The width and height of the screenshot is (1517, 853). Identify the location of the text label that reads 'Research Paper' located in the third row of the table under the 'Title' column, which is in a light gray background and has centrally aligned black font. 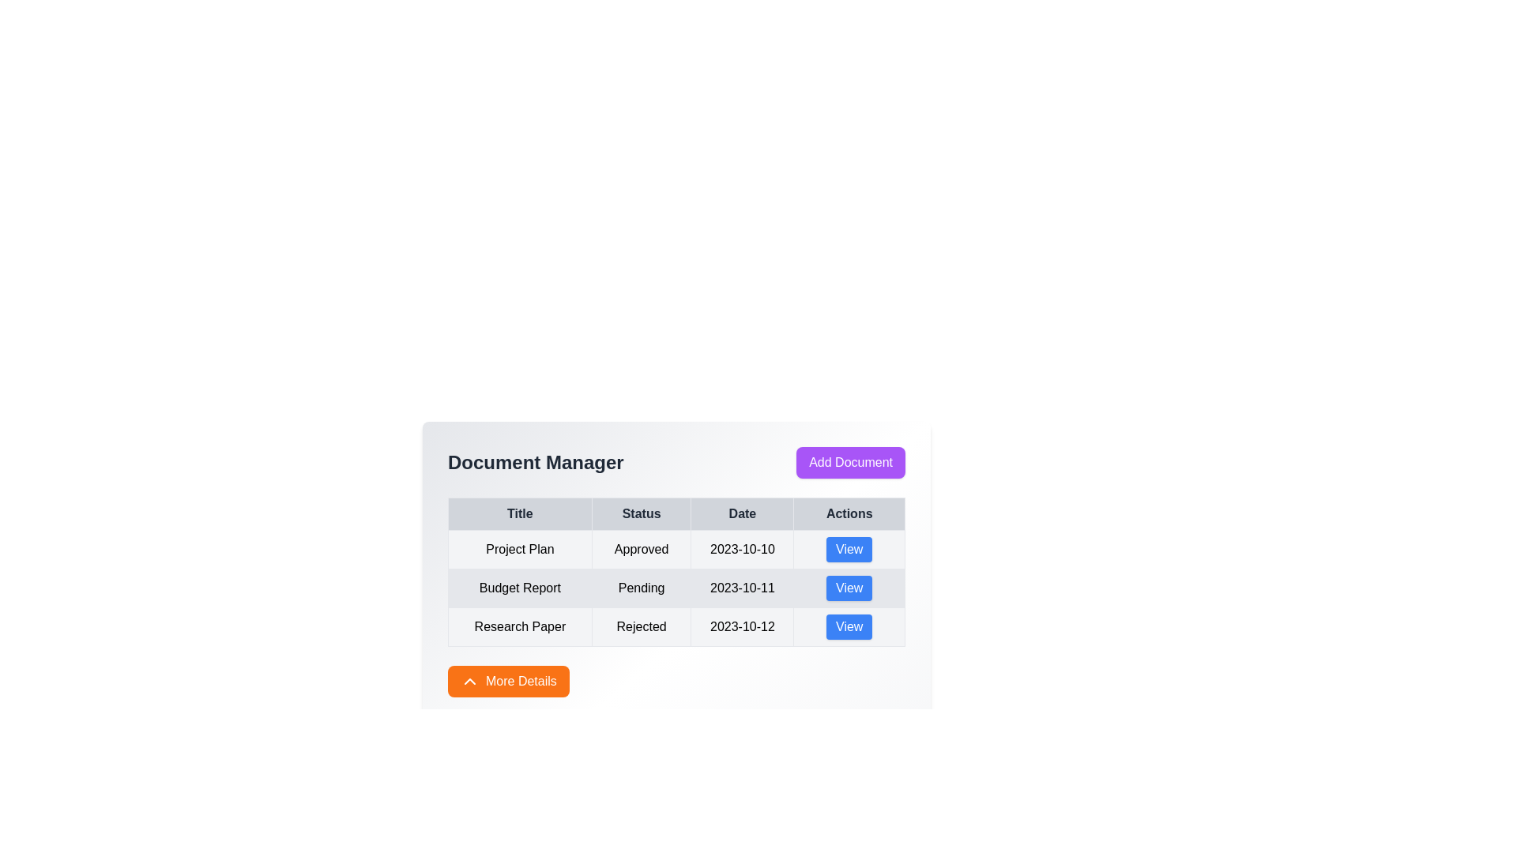
(520, 626).